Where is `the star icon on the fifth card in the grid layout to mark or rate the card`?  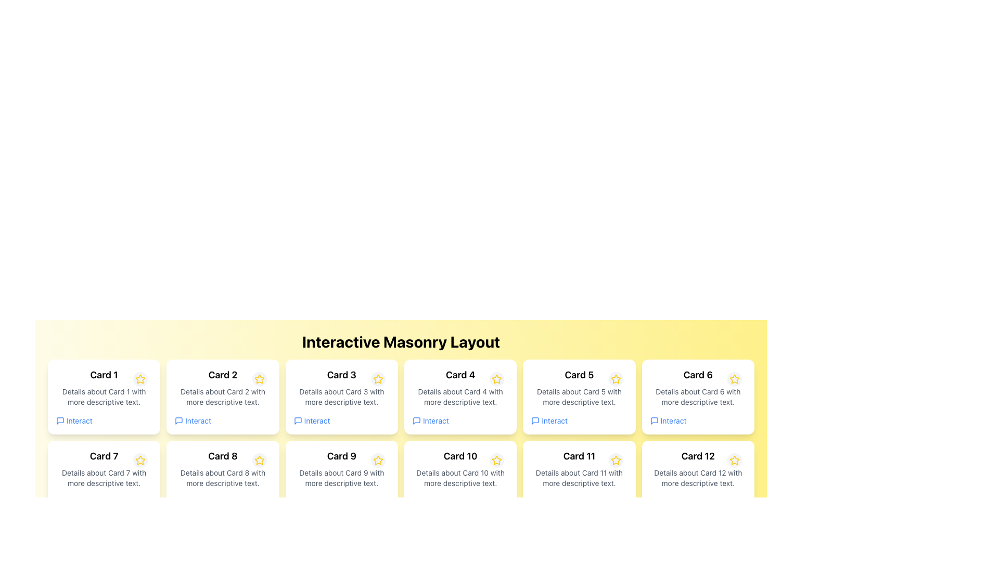
the star icon on the fifth card in the grid layout to mark or rate the card is located at coordinates (579, 397).